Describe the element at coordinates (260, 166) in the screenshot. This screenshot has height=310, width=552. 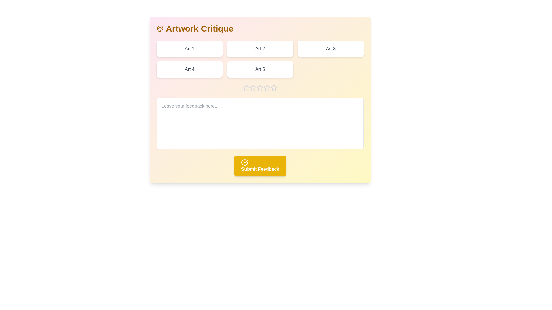
I see `the 'Submit Feedback' button to submit the feedback` at that location.